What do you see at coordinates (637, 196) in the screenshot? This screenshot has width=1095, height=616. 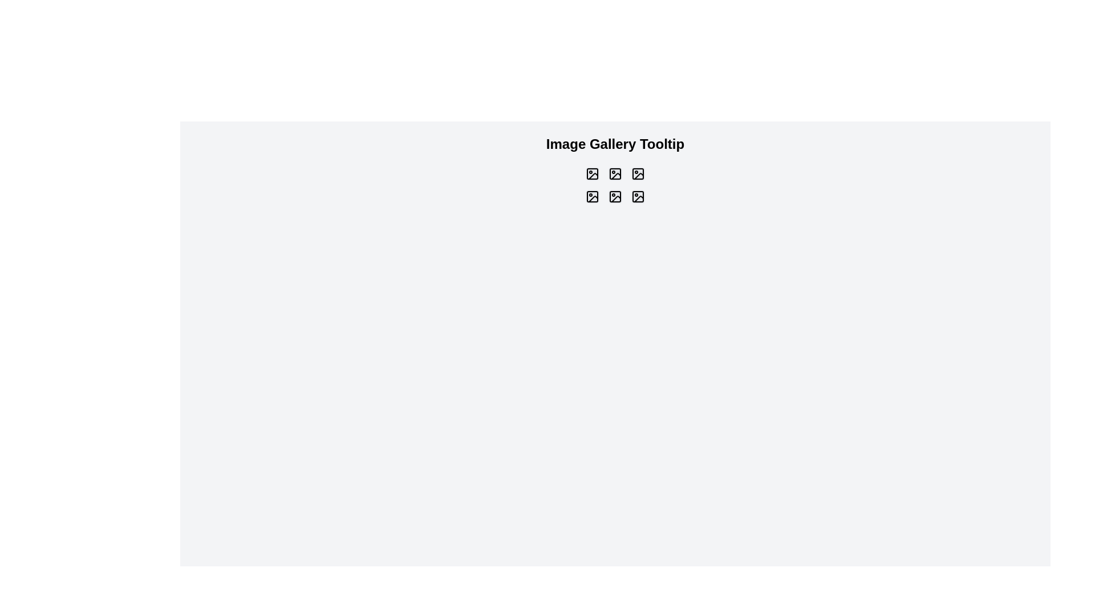 I see `the SVG rectangle icon part, which serves as a decorative or functional outline of a picture, located at the bottom-right of a grid of icons` at bounding box center [637, 196].